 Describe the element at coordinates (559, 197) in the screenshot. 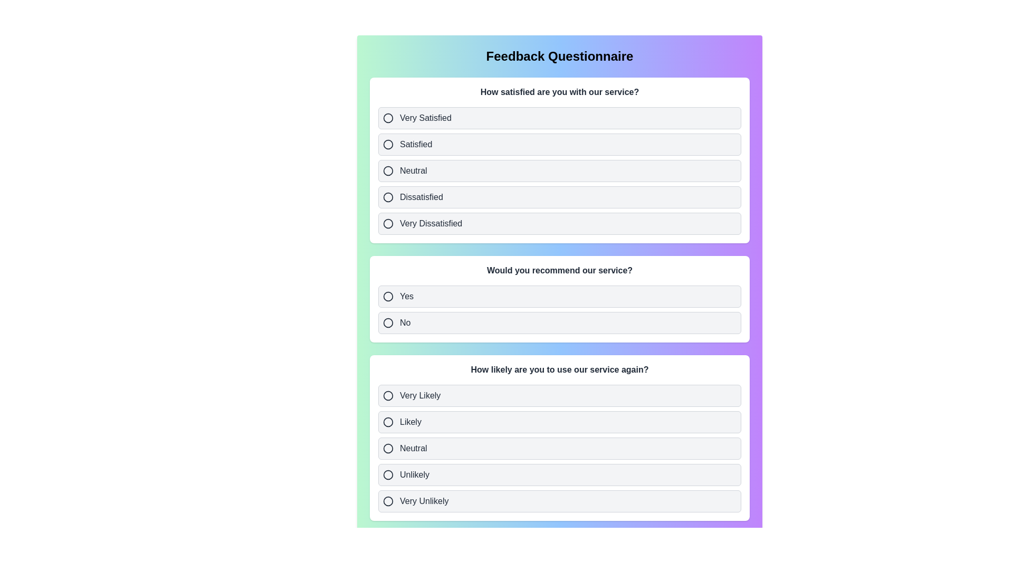

I see `the option Dissatisfied for the first question` at that location.